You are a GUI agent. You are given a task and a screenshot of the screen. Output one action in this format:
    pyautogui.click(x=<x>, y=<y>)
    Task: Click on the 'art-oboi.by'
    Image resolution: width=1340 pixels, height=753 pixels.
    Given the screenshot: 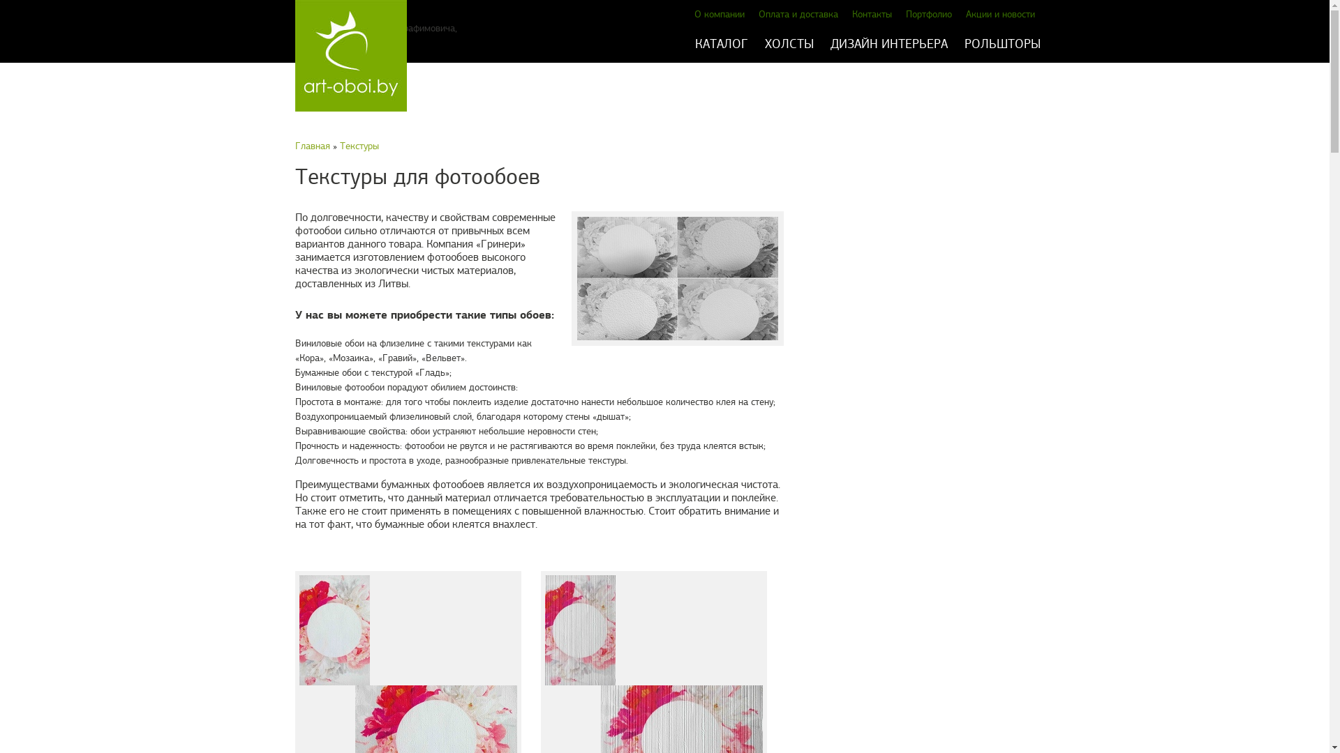 What is the action you would take?
    pyautogui.click(x=315, y=54)
    